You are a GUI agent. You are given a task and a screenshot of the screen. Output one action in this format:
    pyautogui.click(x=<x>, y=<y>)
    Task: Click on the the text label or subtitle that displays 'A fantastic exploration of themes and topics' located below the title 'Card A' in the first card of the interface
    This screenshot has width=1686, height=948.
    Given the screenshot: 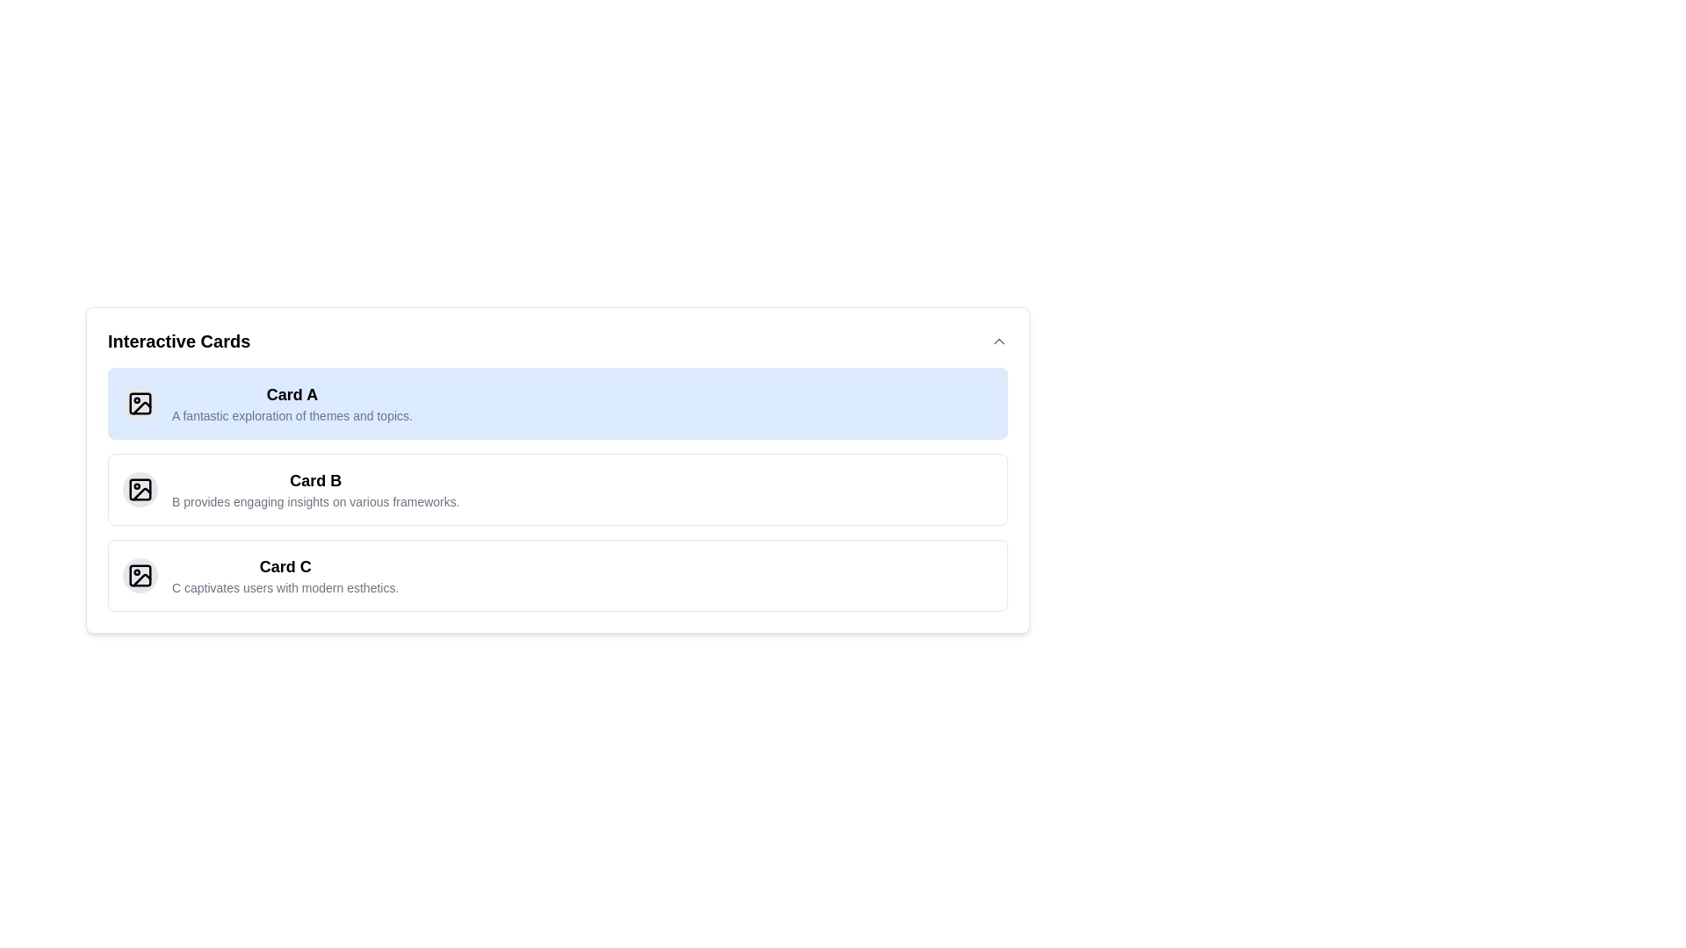 What is the action you would take?
    pyautogui.click(x=292, y=416)
    